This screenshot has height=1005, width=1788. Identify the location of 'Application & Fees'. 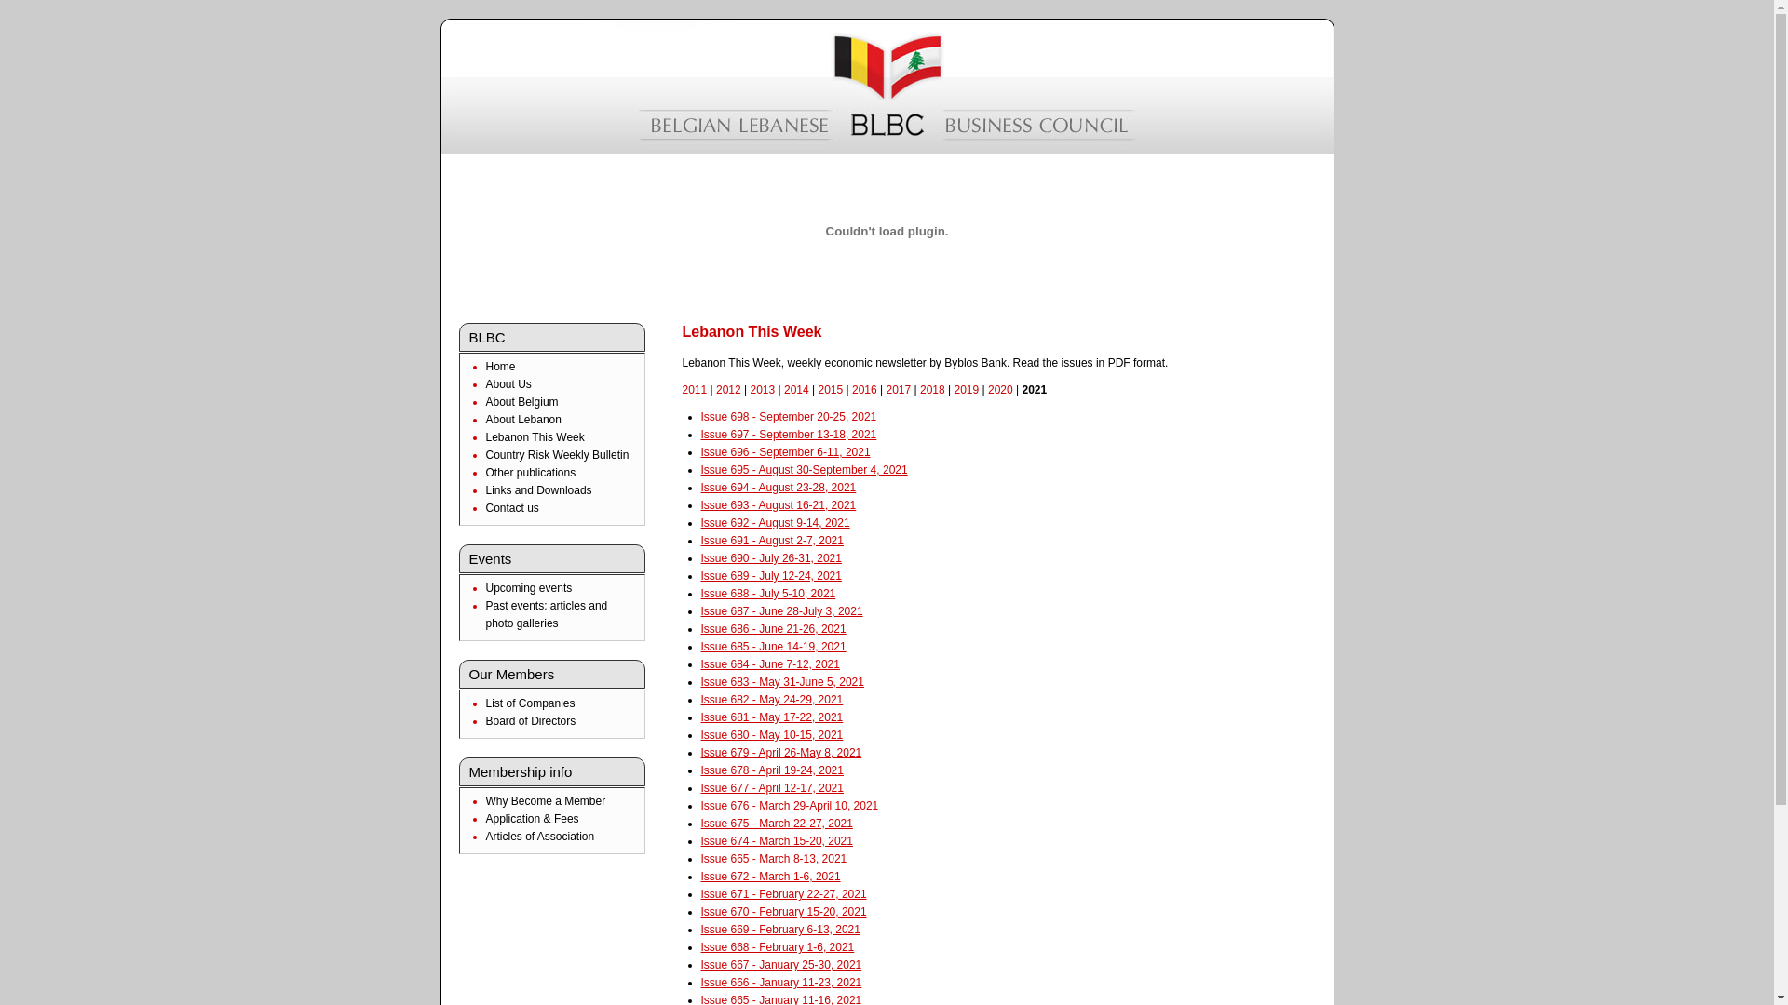
(531, 817).